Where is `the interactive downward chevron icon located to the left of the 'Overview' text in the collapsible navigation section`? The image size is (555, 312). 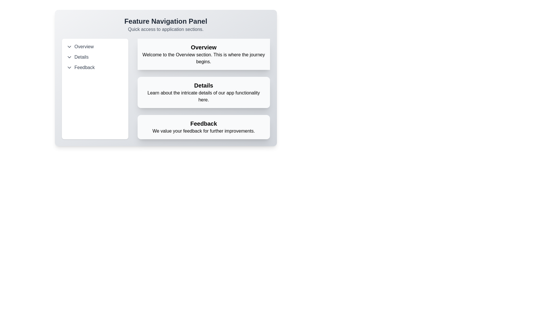 the interactive downward chevron icon located to the left of the 'Overview' text in the collapsible navigation section is located at coordinates (69, 47).